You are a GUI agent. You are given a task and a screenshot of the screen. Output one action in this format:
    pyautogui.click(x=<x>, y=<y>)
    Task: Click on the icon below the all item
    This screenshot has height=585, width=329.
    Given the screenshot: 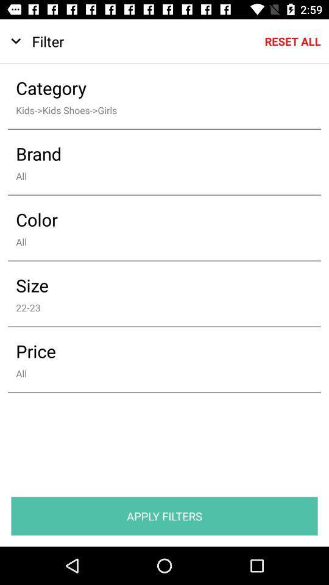 What is the action you would take?
    pyautogui.click(x=164, y=516)
    